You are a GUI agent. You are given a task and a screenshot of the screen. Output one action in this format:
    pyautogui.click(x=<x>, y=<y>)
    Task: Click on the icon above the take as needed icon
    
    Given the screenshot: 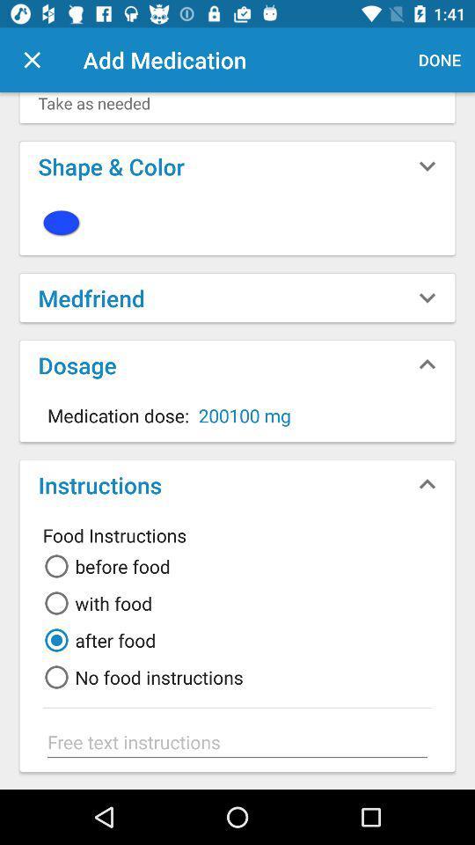 What is the action you would take?
    pyautogui.click(x=439, y=60)
    